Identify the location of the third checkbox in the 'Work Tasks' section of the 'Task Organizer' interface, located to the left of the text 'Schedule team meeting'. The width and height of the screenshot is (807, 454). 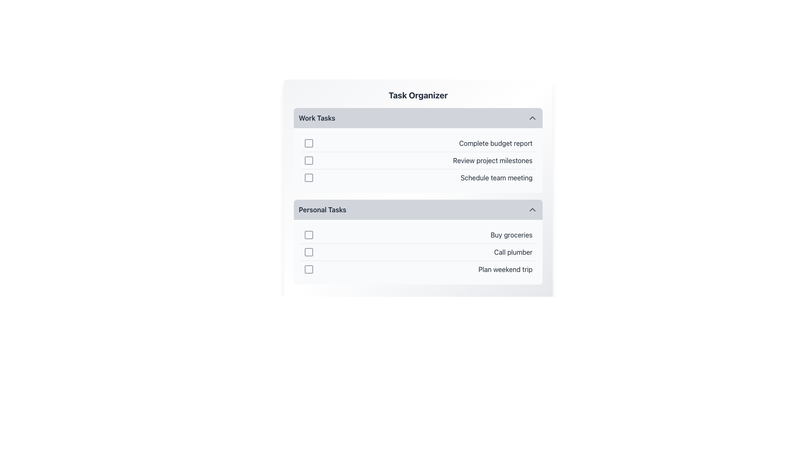
(308, 177).